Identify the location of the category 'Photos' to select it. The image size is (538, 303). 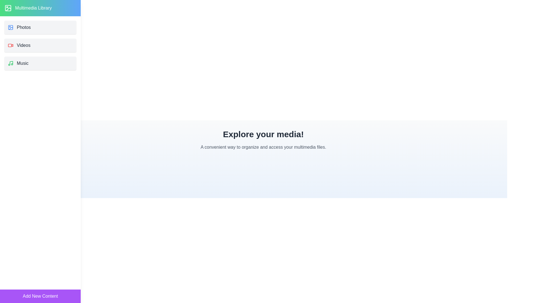
(40, 27).